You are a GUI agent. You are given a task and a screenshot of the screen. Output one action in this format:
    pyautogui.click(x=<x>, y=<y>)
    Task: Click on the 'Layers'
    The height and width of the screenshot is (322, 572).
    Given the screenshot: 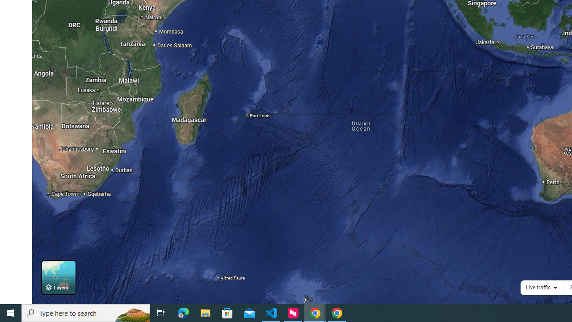 What is the action you would take?
    pyautogui.click(x=58, y=277)
    